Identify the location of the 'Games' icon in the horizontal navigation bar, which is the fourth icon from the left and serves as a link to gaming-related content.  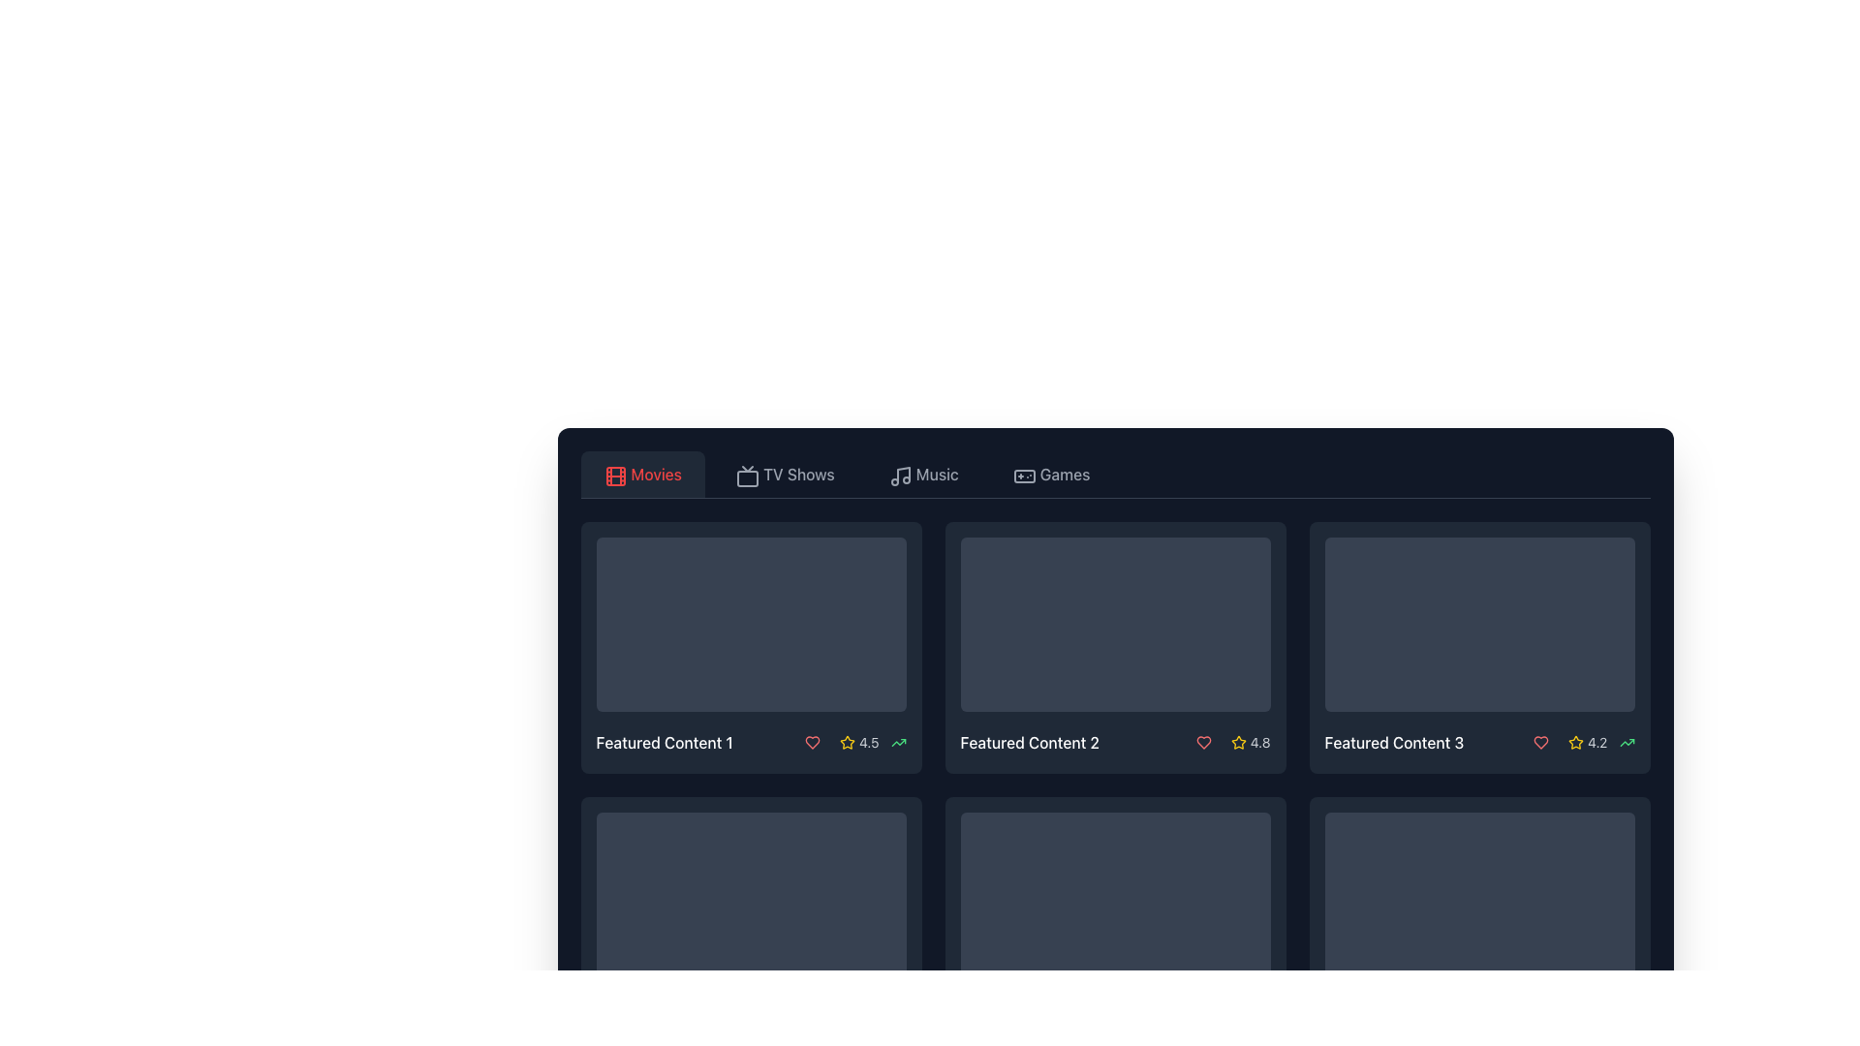
(1023, 477).